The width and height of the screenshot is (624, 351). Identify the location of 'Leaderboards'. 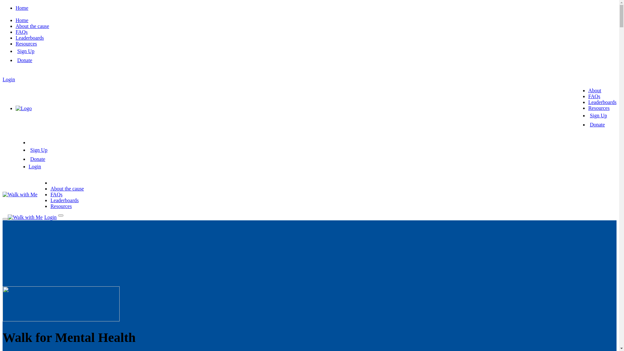
(29, 38).